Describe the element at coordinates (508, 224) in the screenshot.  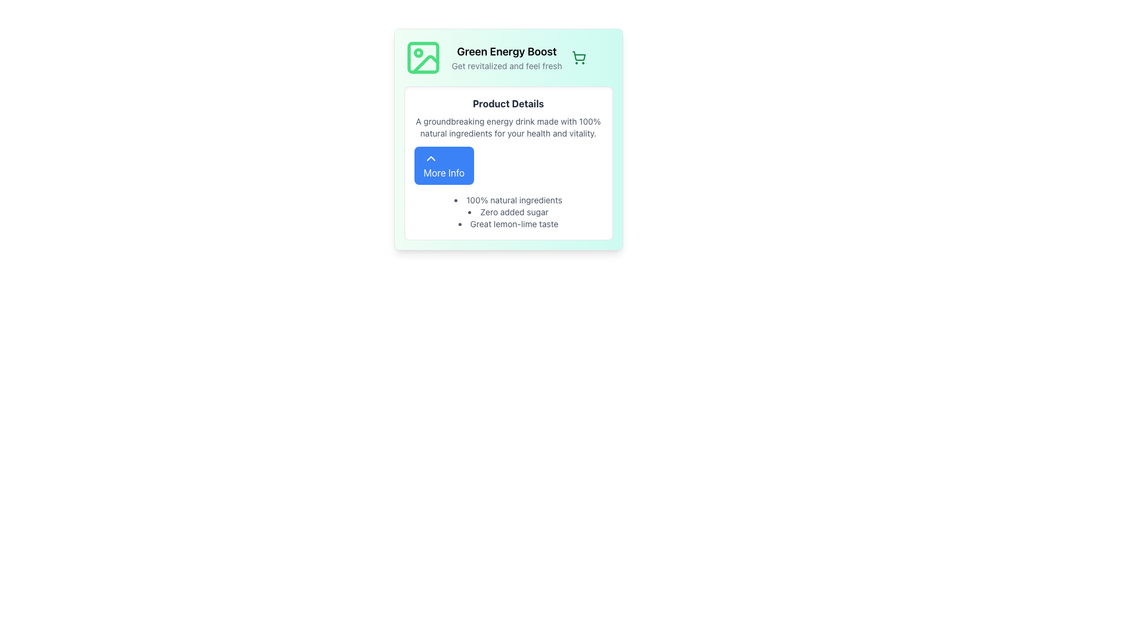
I see `the list item with the text 'Great lemon-lime taste'` at that location.